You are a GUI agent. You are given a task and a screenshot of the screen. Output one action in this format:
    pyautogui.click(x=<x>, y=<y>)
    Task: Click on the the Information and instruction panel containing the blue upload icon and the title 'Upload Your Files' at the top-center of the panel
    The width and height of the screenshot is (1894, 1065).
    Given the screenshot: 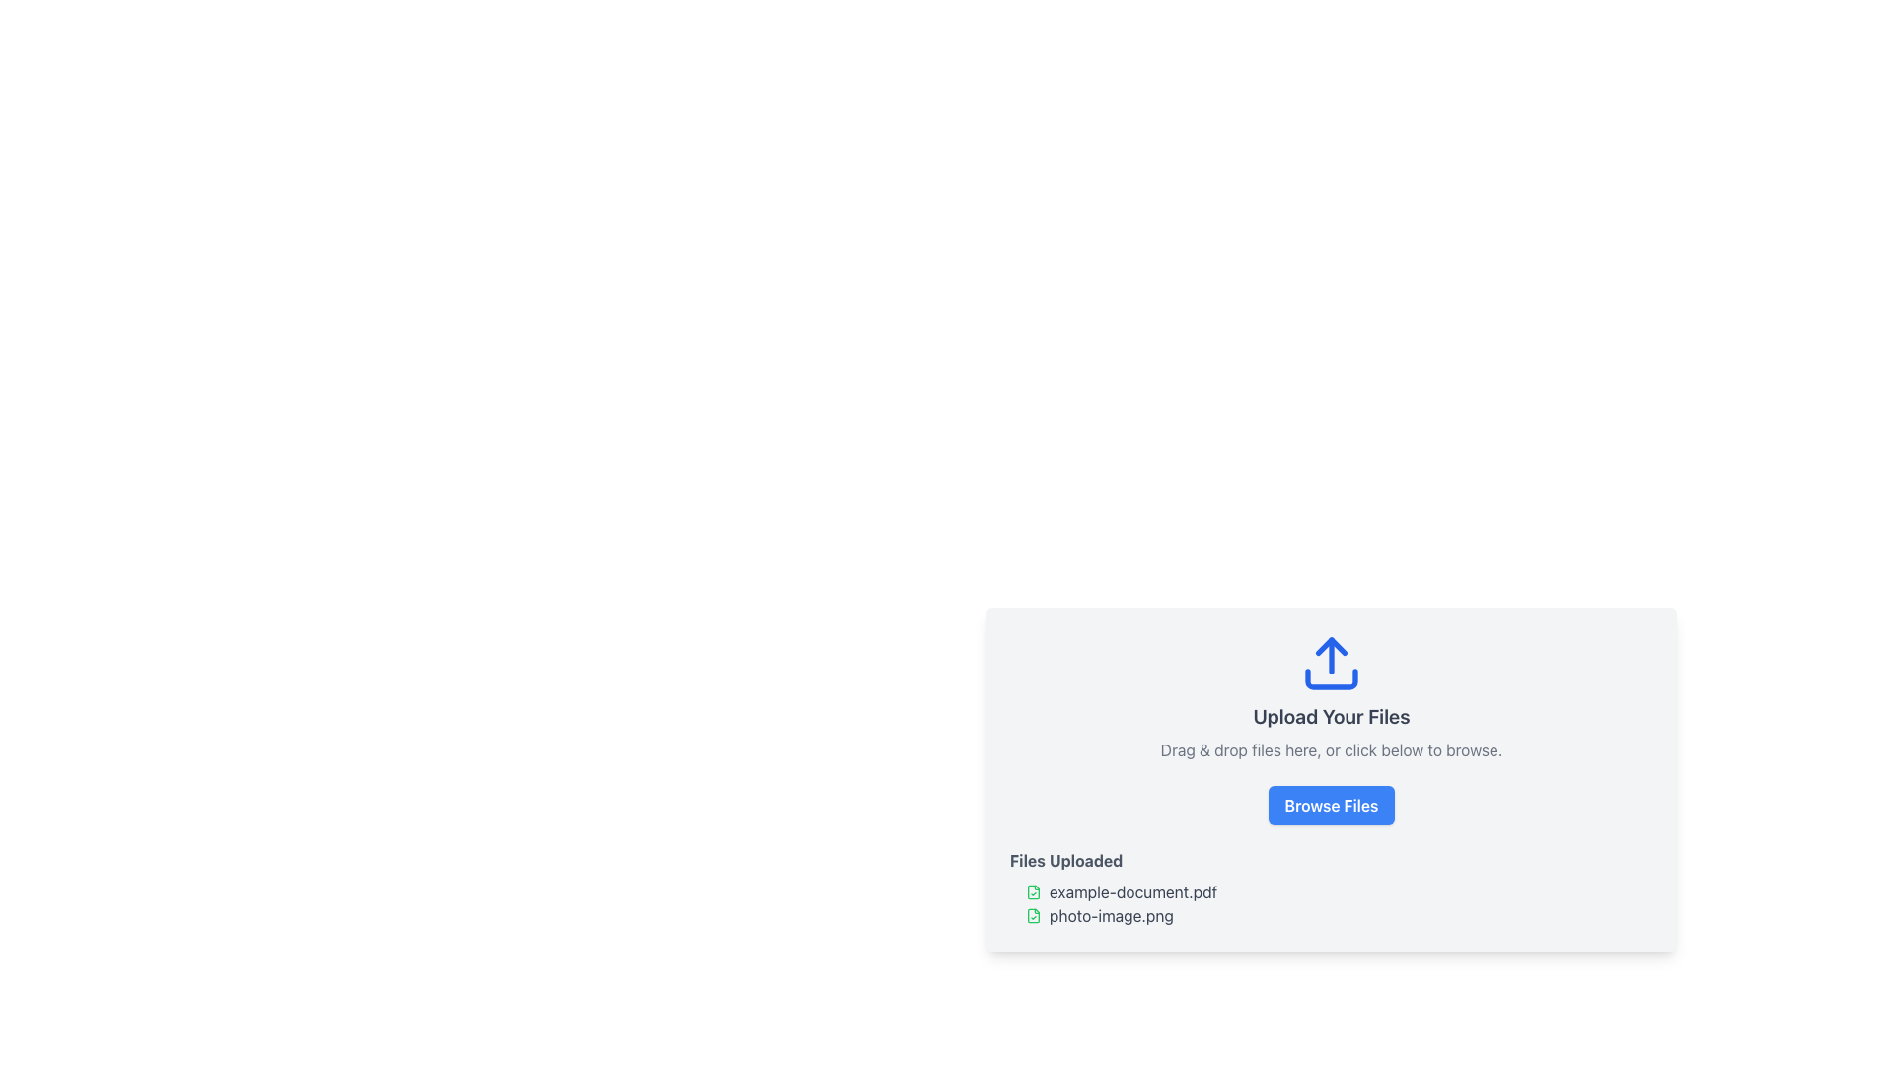 What is the action you would take?
    pyautogui.click(x=1331, y=695)
    